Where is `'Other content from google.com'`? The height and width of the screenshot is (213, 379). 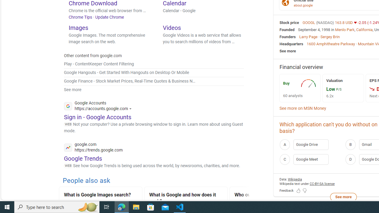
'Other content from google.com' is located at coordinates (93, 56).